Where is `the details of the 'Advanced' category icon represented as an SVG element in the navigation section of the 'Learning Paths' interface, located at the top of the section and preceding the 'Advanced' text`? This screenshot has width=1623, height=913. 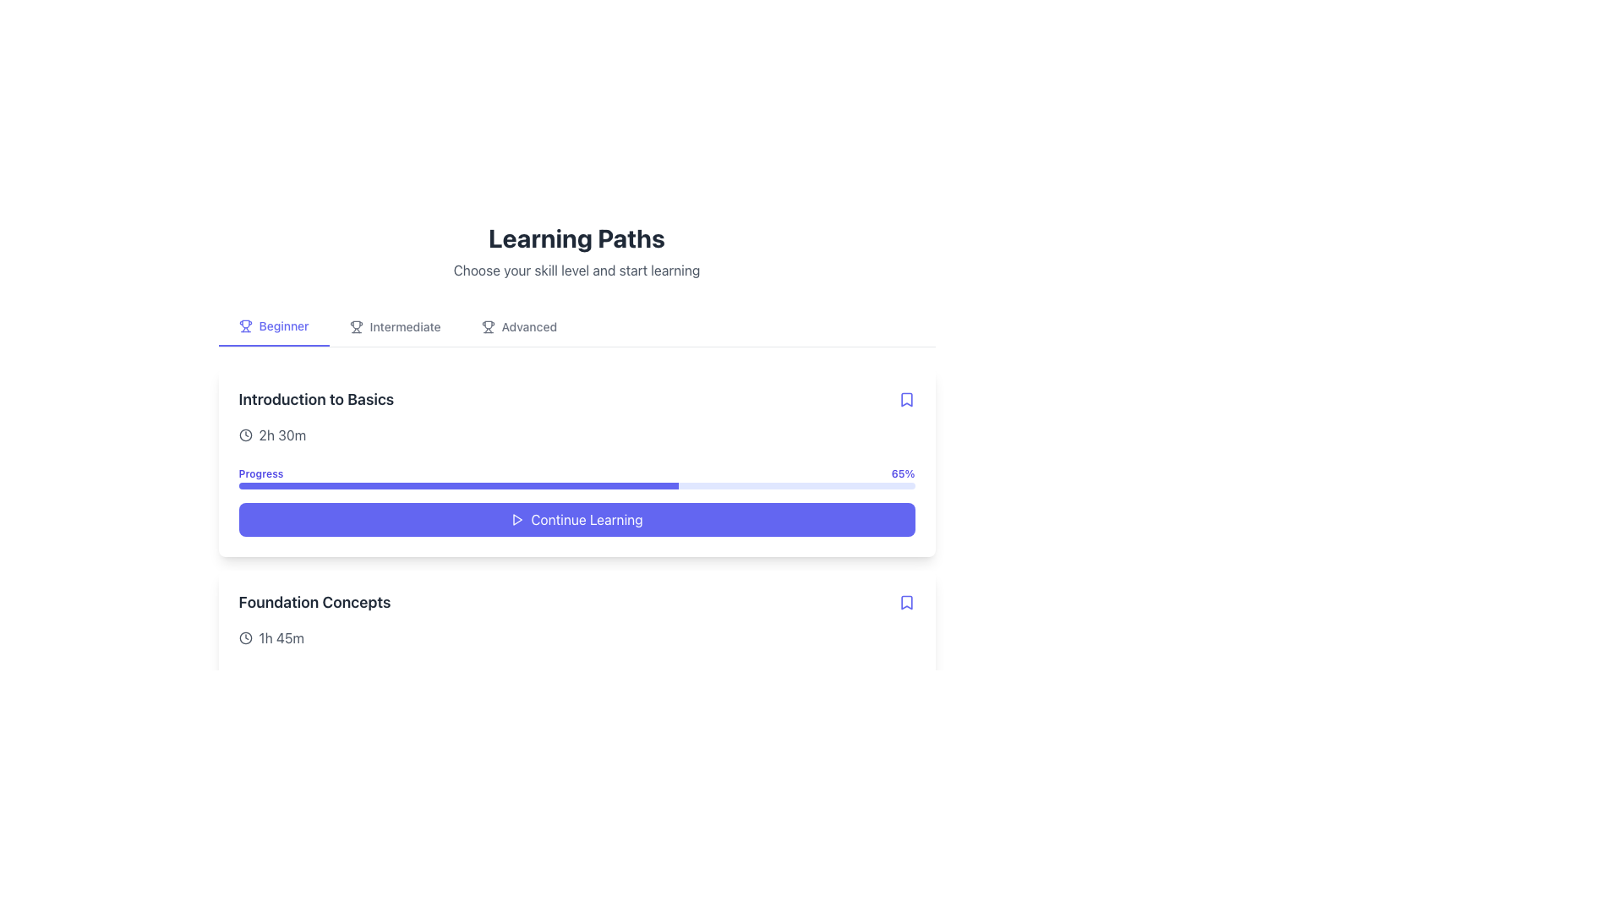 the details of the 'Advanced' category icon represented as an SVG element in the navigation section of the 'Learning Paths' interface, located at the top of the section and preceding the 'Advanced' text is located at coordinates (487, 326).